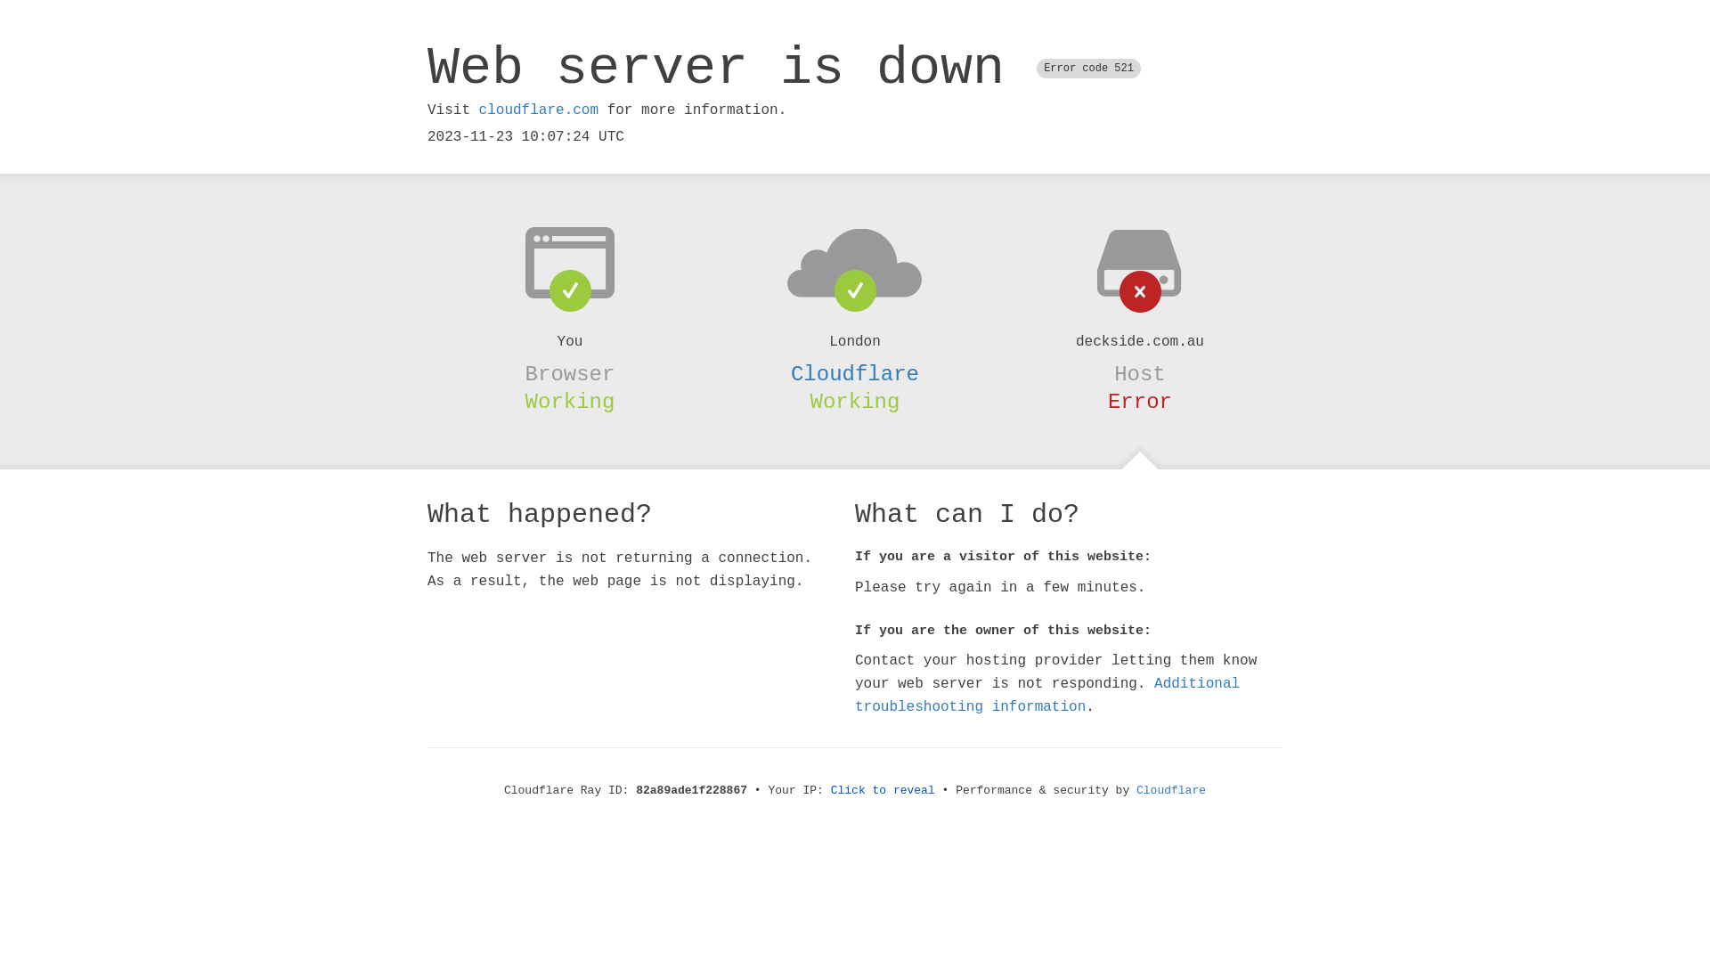 Image resolution: width=1710 pixels, height=962 pixels. Describe the element at coordinates (790, 373) in the screenshot. I see `'Cloudflare'` at that location.